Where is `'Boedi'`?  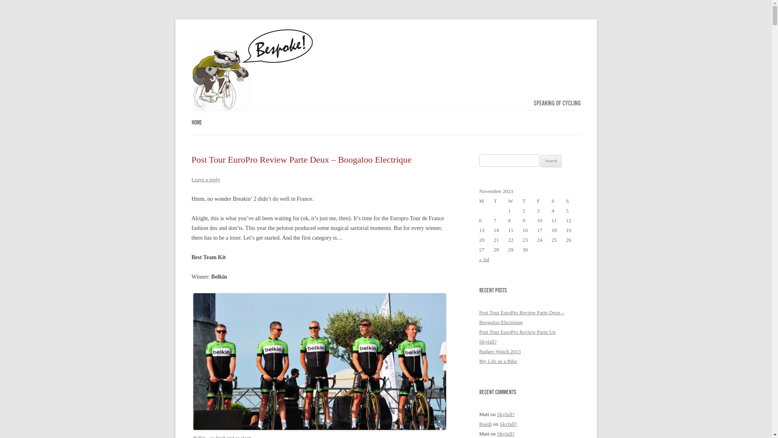 'Boedi' is located at coordinates (479, 423).